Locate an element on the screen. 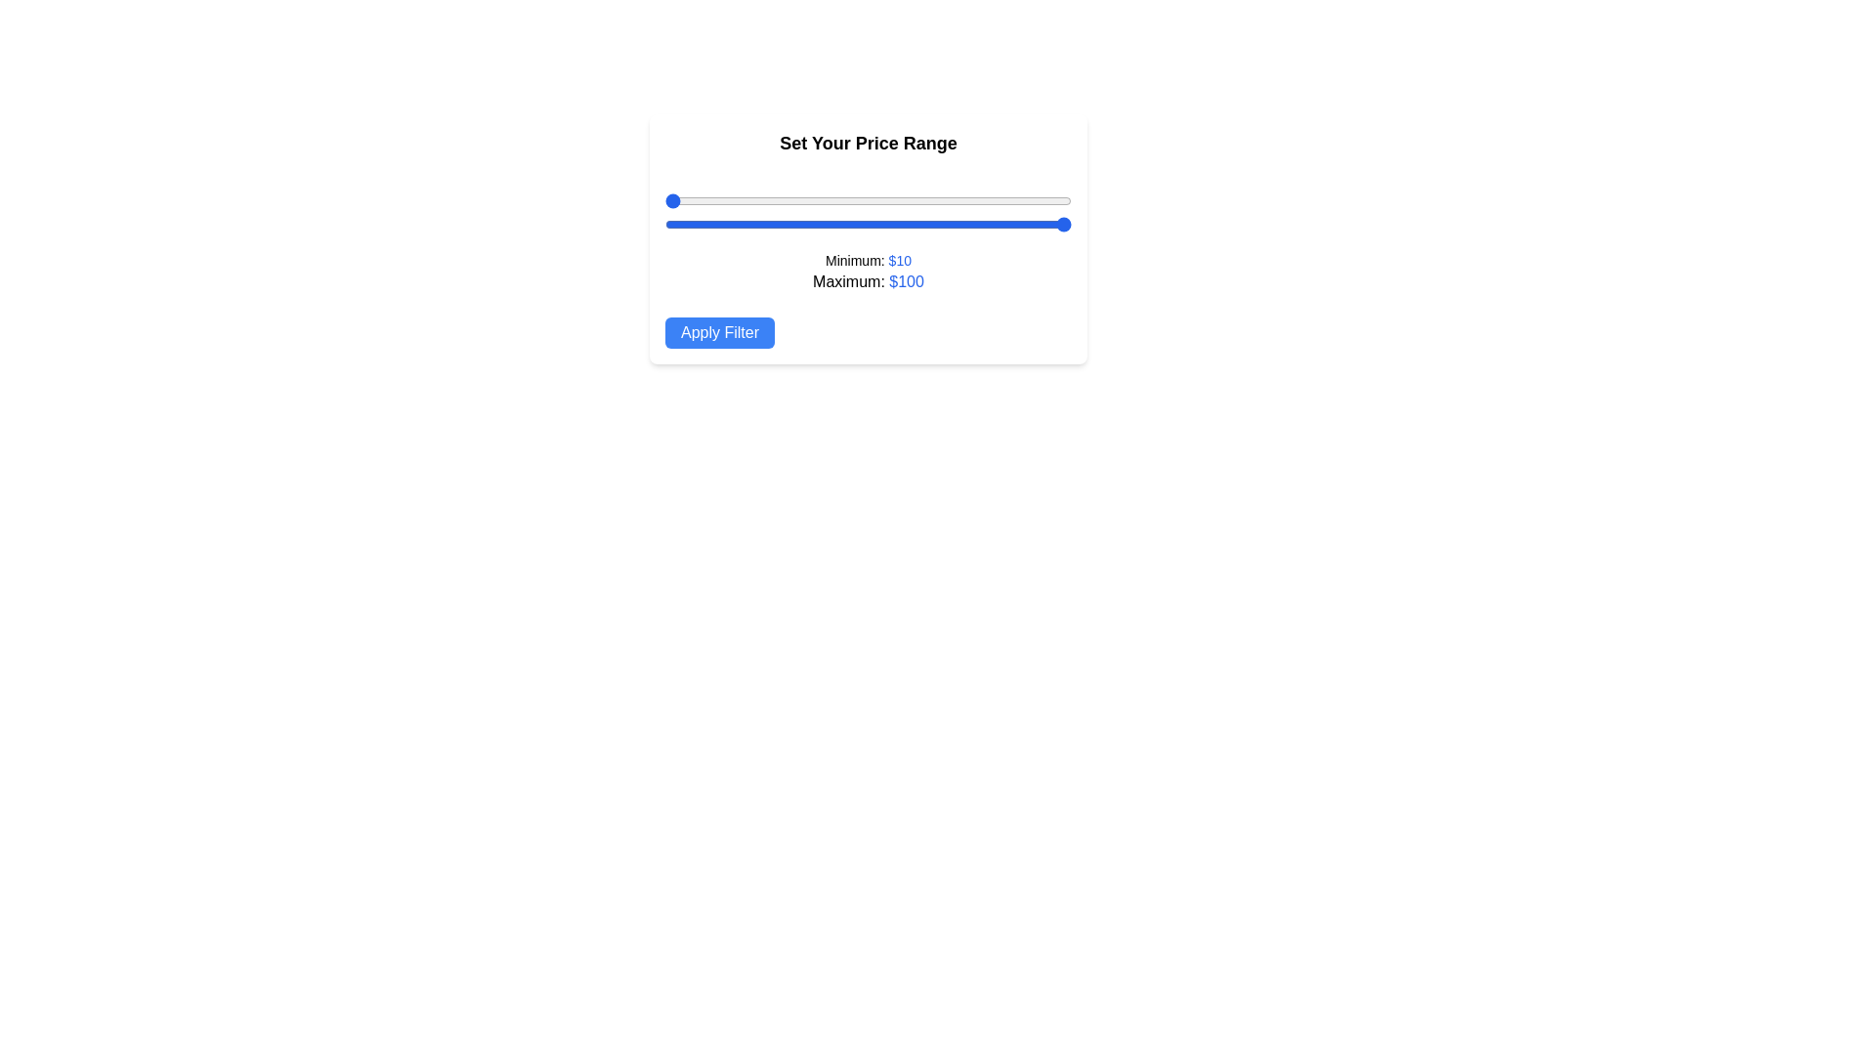 Image resolution: width=1876 pixels, height=1055 pixels. the slider position is located at coordinates (999, 200).